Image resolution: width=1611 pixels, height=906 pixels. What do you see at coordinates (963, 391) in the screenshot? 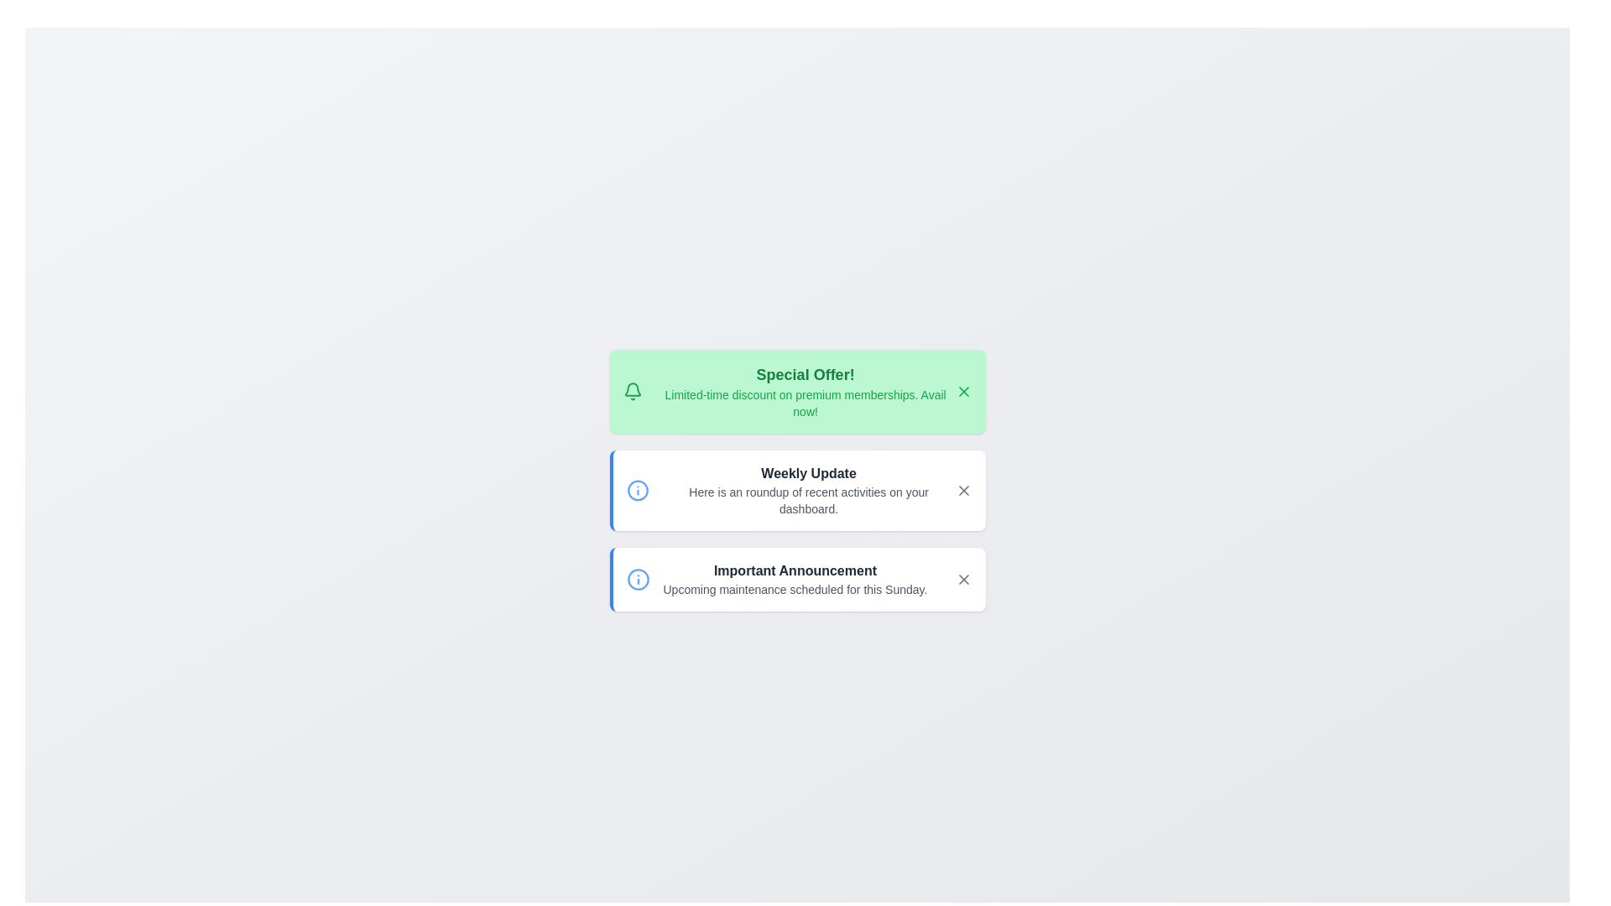
I see `close button of the alert with title Special Offer!` at bounding box center [963, 391].